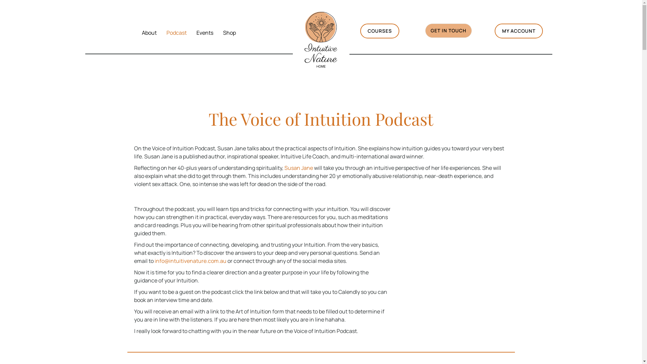  What do you see at coordinates (176, 32) in the screenshot?
I see `'Podcast'` at bounding box center [176, 32].